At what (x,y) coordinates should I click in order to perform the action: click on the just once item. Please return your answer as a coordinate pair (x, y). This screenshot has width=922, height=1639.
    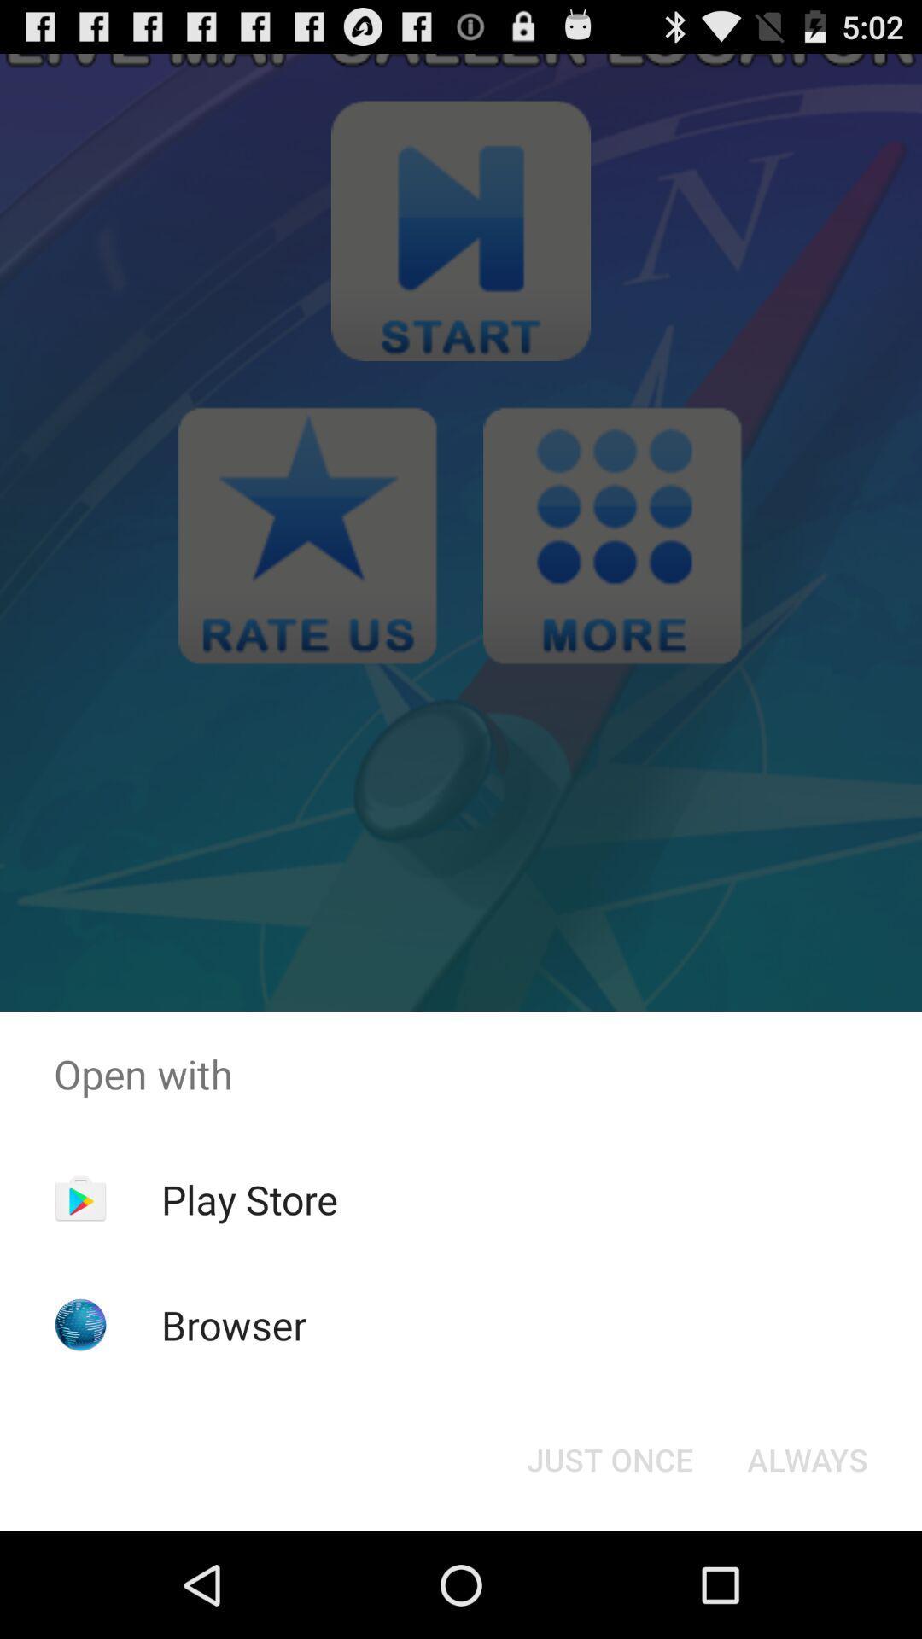
    Looking at the image, I should click on (609, 1458).